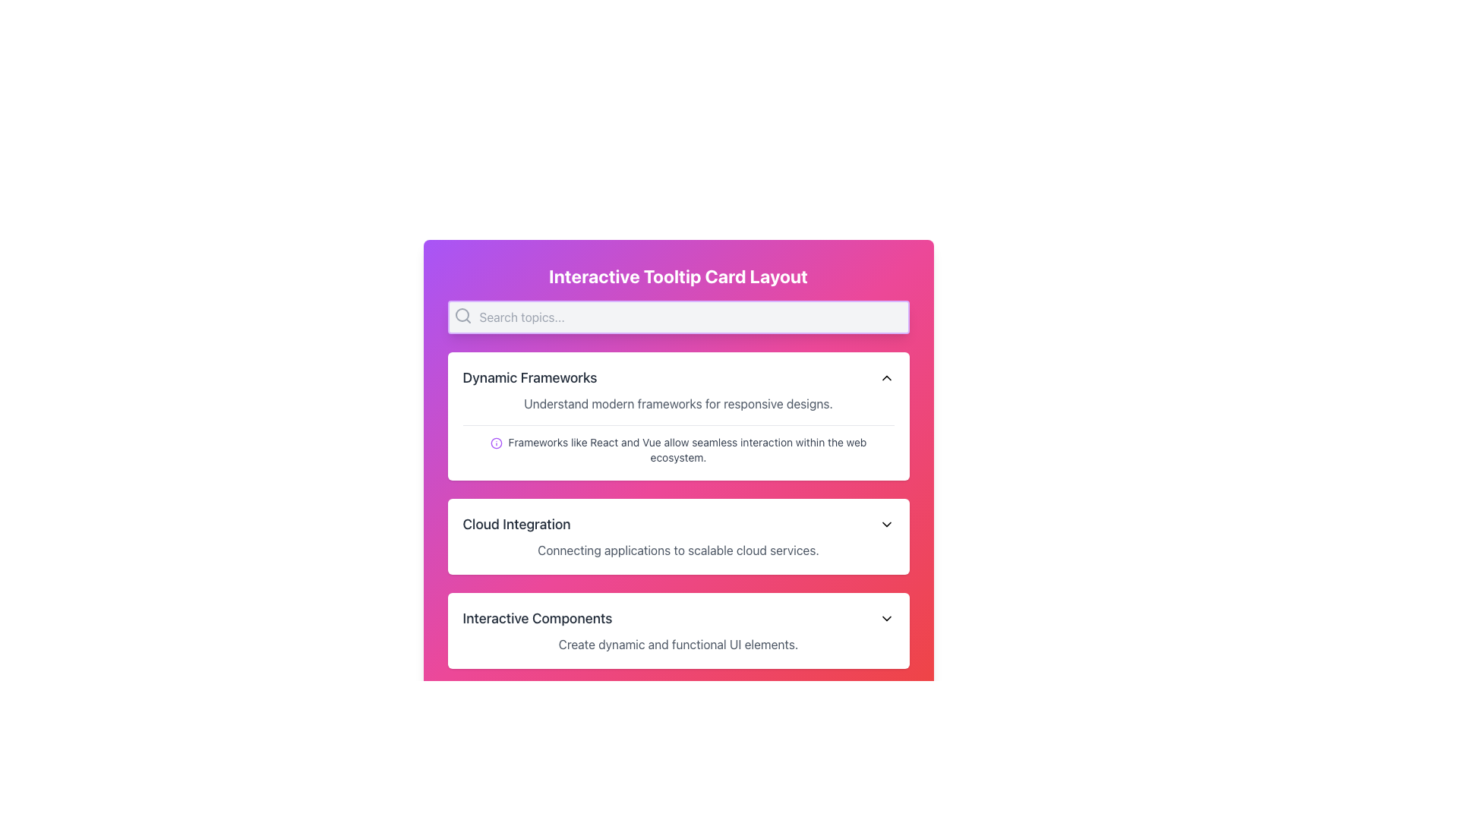  I want to click on the descriptive text element located in the 'Cloud Integration' section, which is the second component below the title text, so click(677, 550).